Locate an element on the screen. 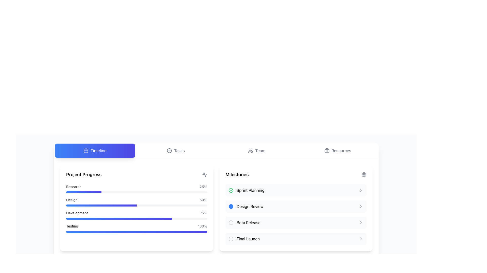  the 'Design Review' list item with a blue circular icon, which is the second item in the Milestones section is located at coordinates (246, 207).